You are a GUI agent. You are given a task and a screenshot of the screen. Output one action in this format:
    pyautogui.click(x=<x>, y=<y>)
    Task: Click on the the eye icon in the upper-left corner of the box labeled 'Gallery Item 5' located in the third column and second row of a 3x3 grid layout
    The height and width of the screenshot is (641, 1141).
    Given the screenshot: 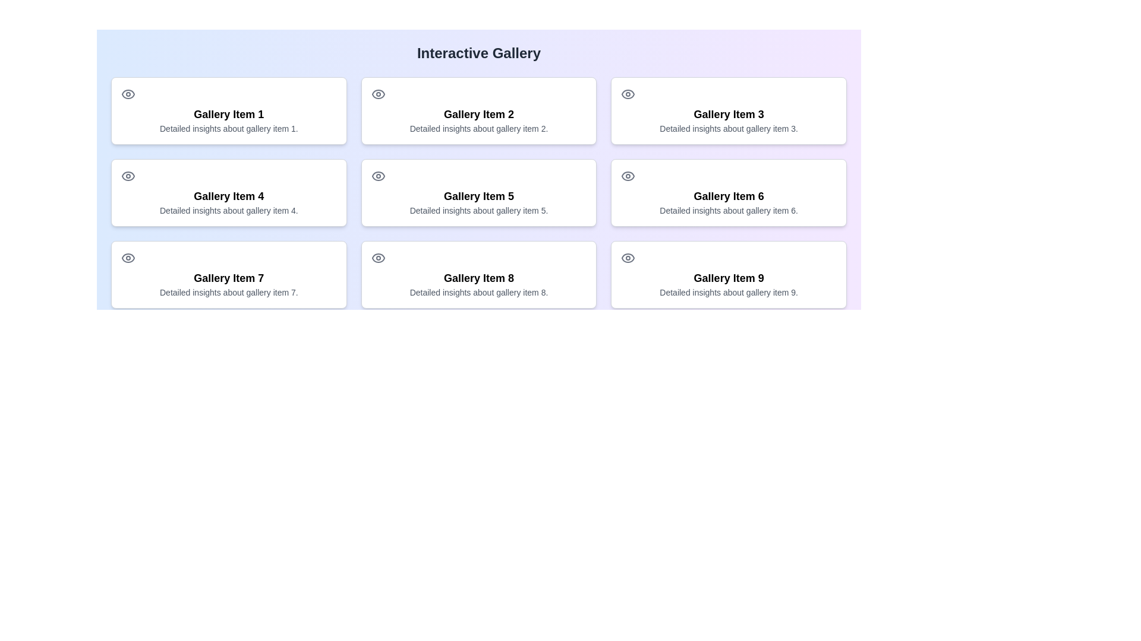 What is the action you would take?
    pyautogui.click(x=377, y=176)
    